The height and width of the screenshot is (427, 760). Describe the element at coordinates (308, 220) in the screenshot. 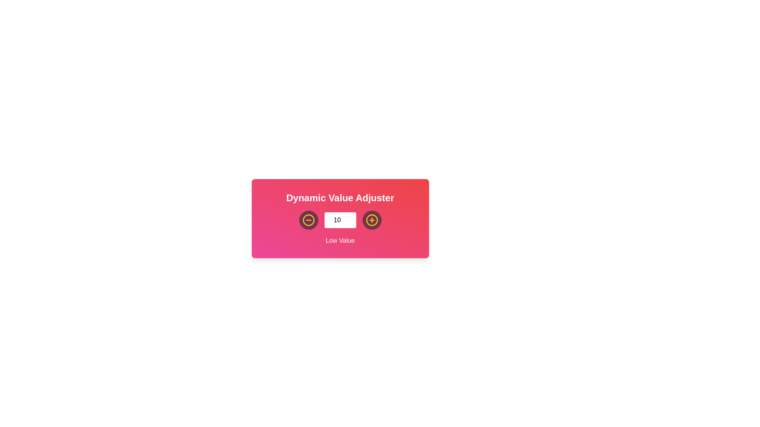

I see `the decrement control button located to the left of the central input box in the 'Dynamic Value Adjuster' interface to decrease the displayed value` at that location.